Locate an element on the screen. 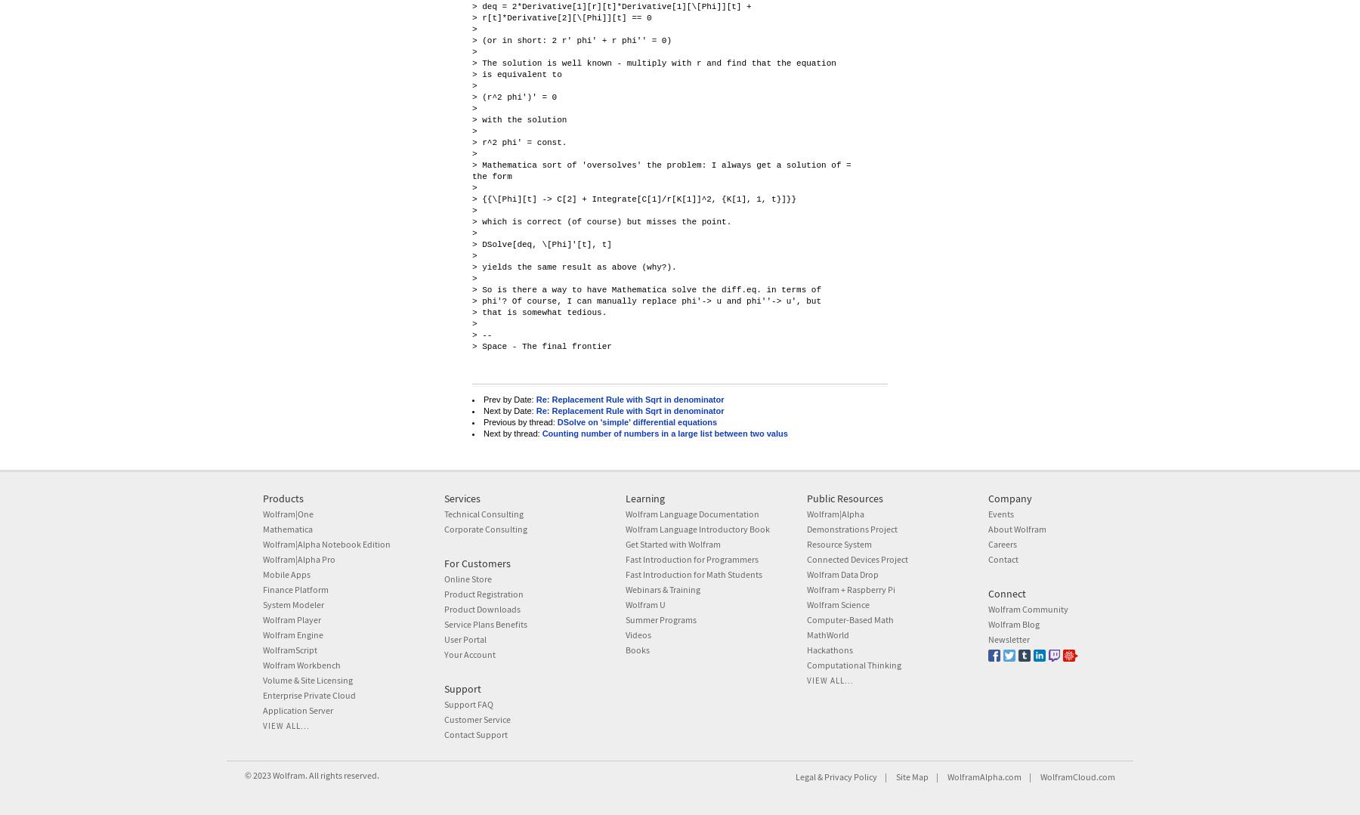  'Service Plans Benefits' is located at coordinates (485, 623).